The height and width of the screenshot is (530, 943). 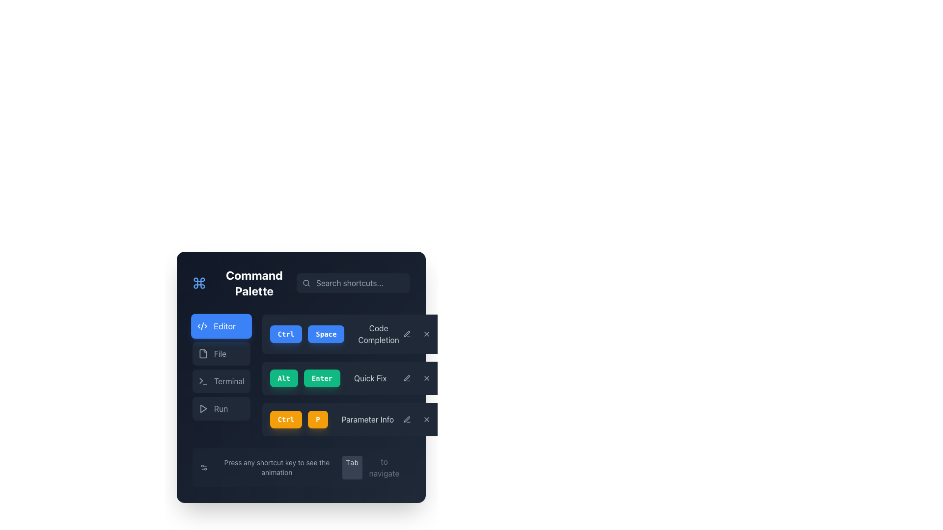 I want to click on text information from the 'shortcut list' UI component located in the 'Command Palette' interface, which features vibrant buttons indicating shortcut keys and their associated commands, so click(x=352, y=375).